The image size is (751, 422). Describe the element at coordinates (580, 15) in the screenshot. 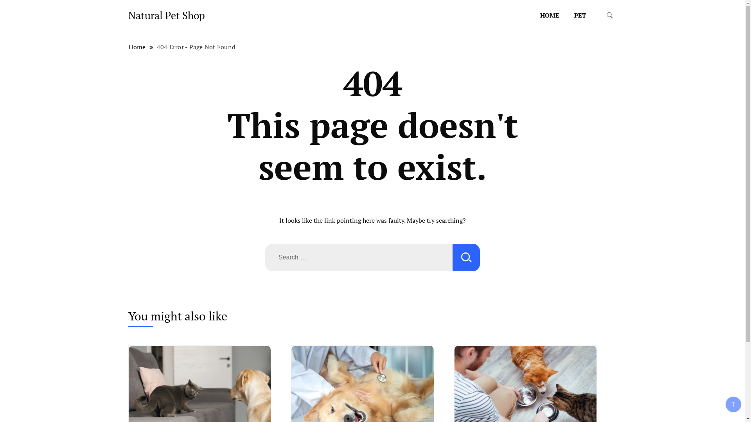

I see `'PET'` at that location.